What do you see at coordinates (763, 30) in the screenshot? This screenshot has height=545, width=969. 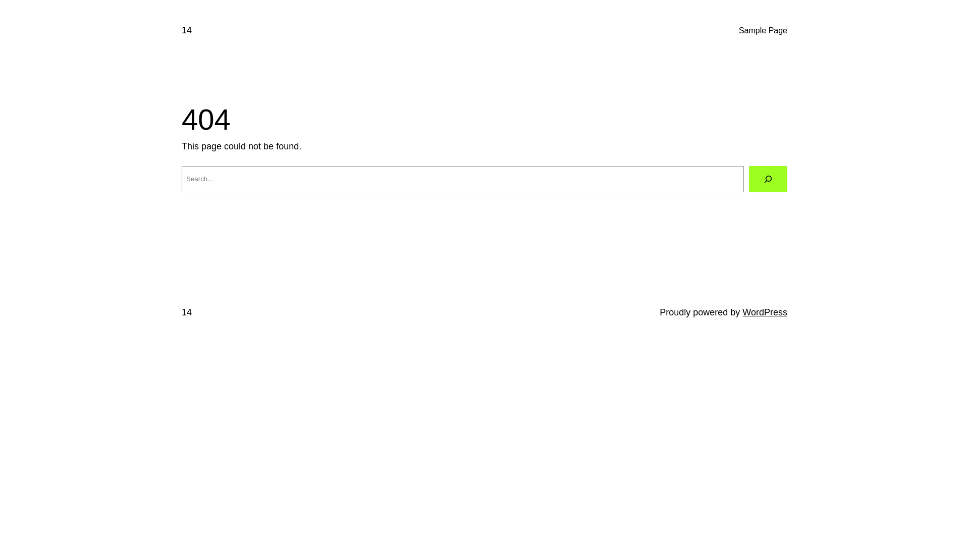 I see `'Sample Page'` at bounding box center [763, 30].